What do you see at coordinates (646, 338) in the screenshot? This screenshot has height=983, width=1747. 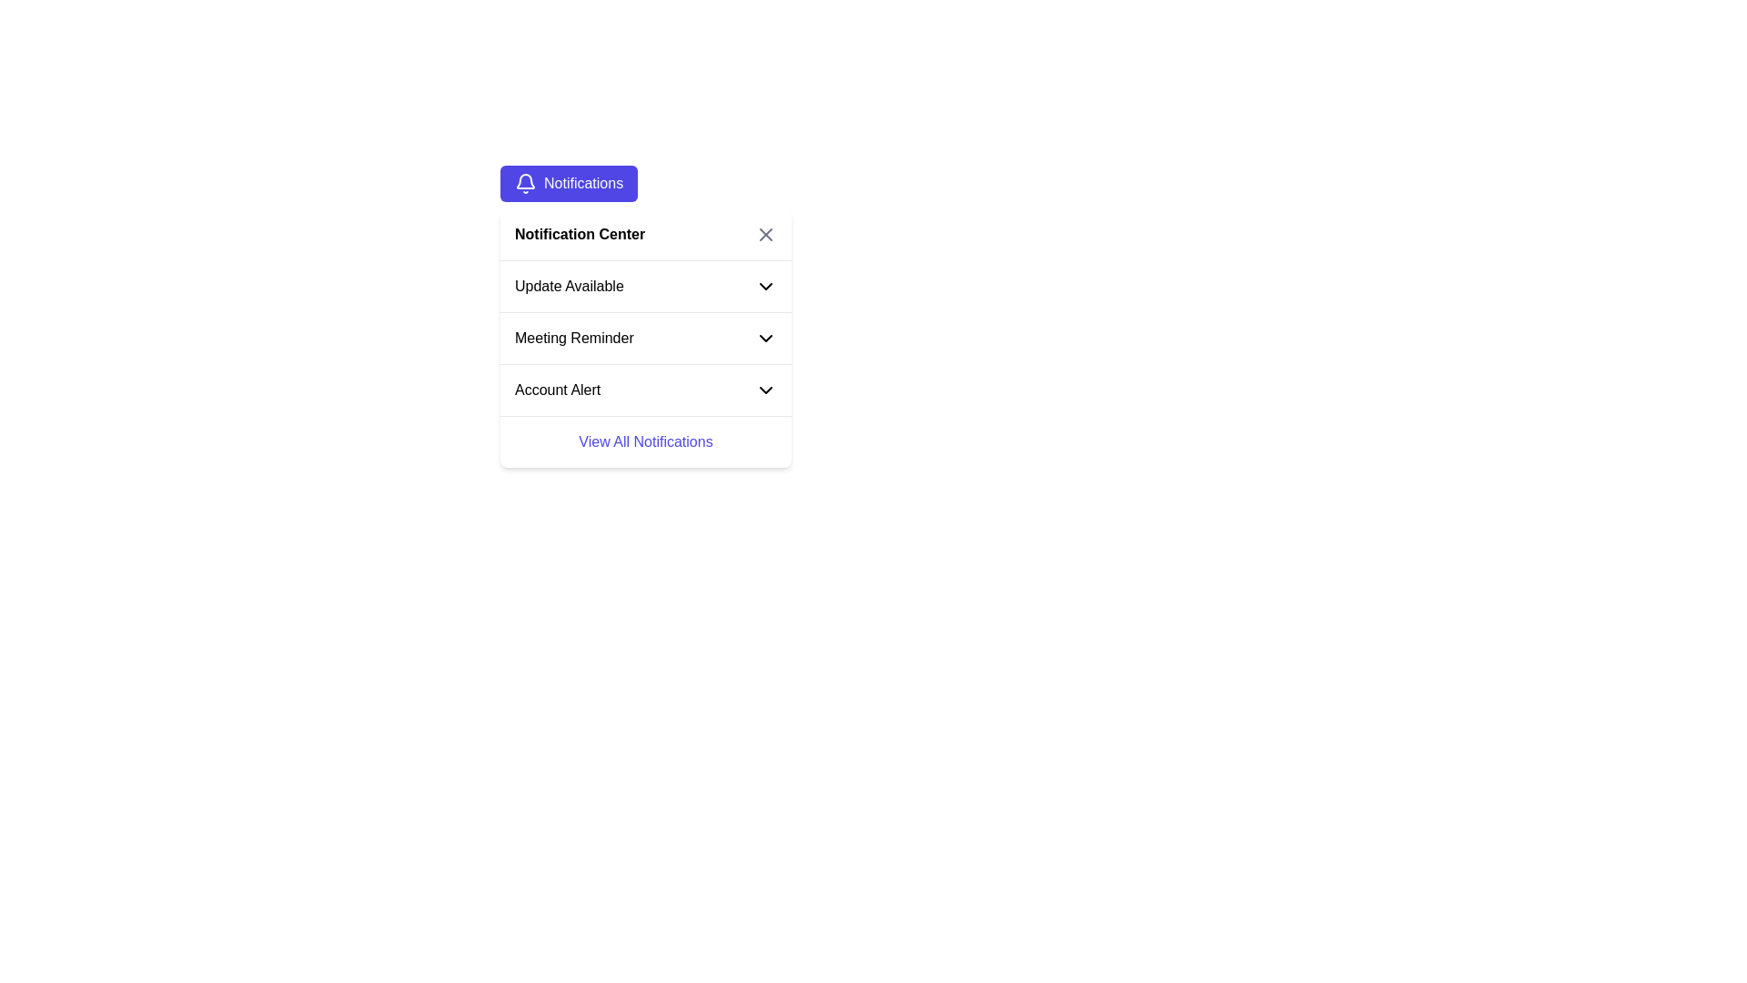 I see `the second list item labeled 'Meeting Reminder' in the notification dropdown menu to highlight it` at bounding box center [646, 338].